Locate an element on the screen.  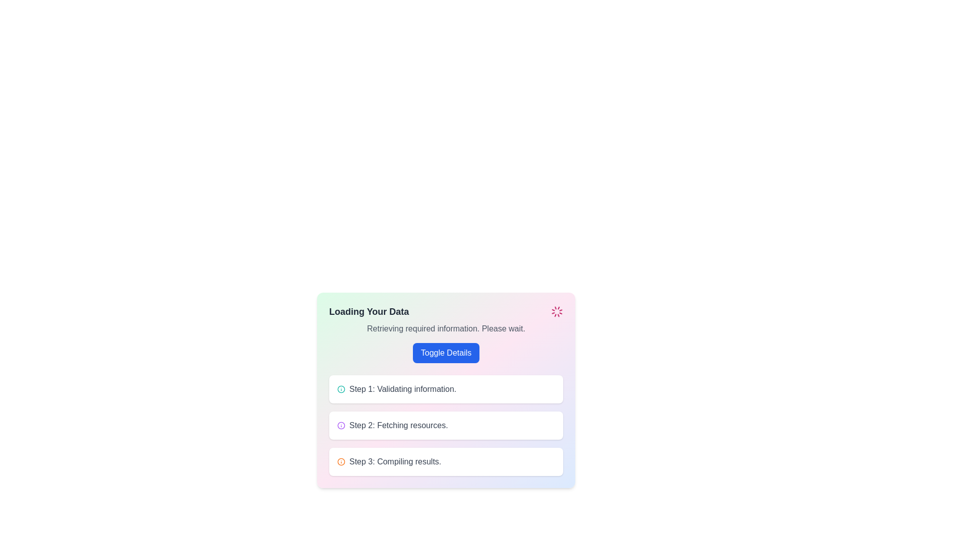
the button that toggles the visibility of additional details in the interface, located below the text 'Retrieving required information. Please wait.' and above the step descriptions is located at coordinates (445, 353).